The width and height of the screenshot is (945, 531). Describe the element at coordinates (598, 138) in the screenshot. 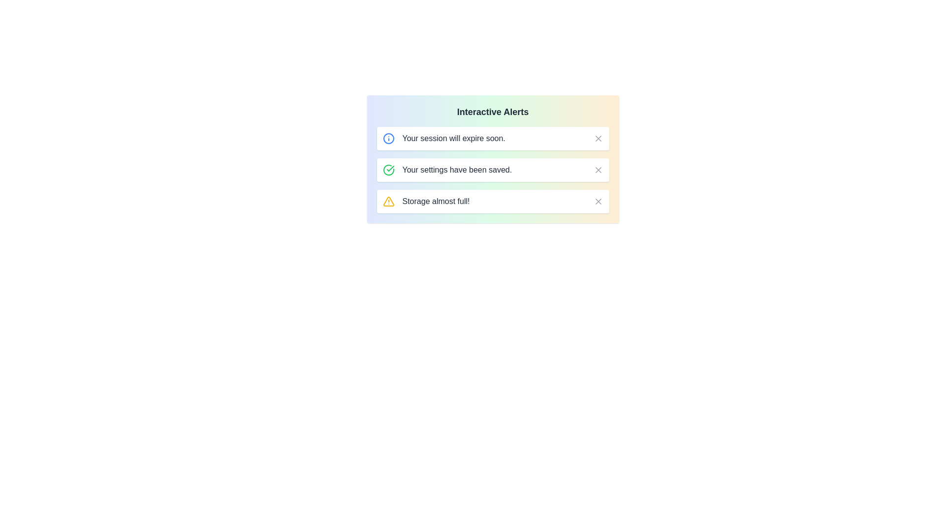

I see `the diagonal cross button in the top-right corner of the alert card` at that location.